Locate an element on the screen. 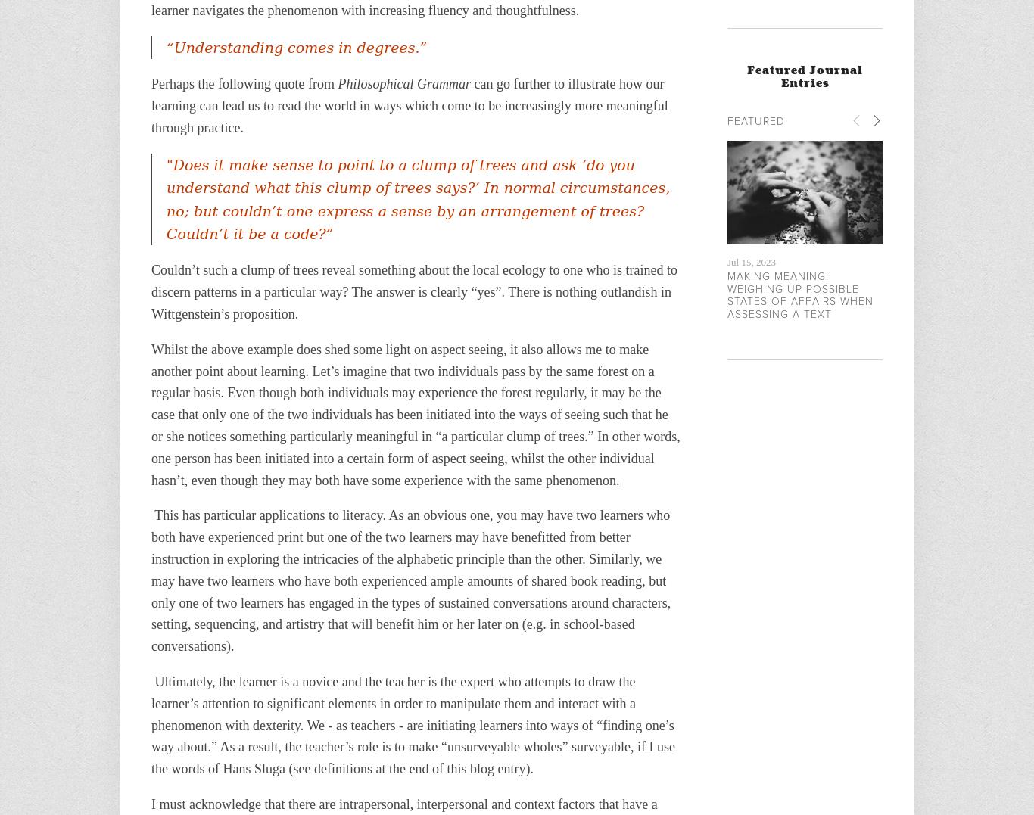 The image size is (1034, 815). '“Understanding comes in degrees.”' is located at coordinates (296, 48).